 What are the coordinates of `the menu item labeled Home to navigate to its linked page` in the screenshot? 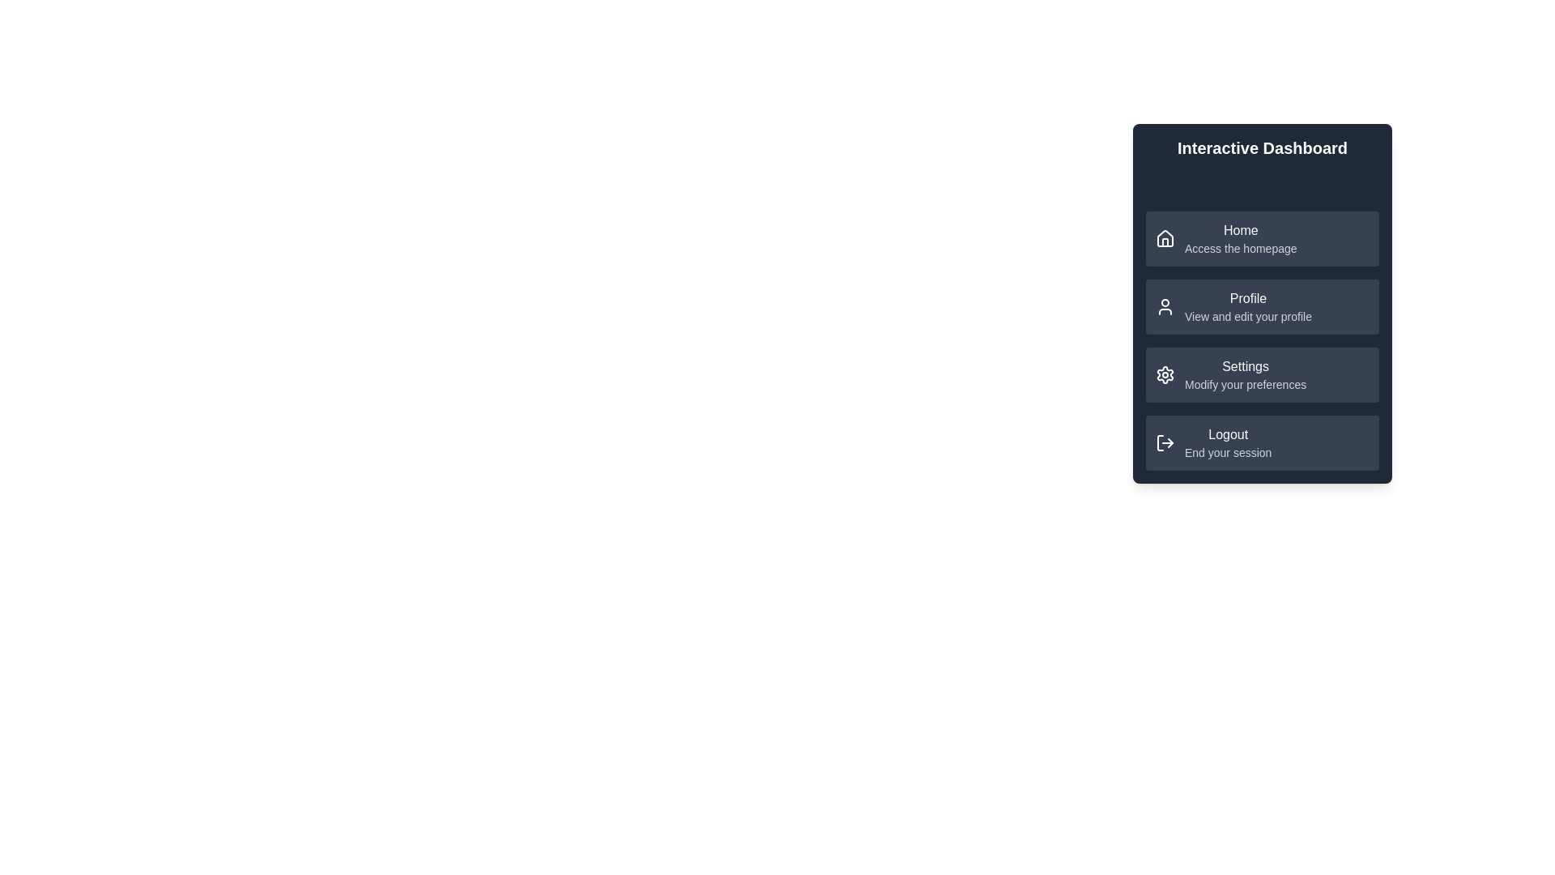 It's located at (1262, 238).